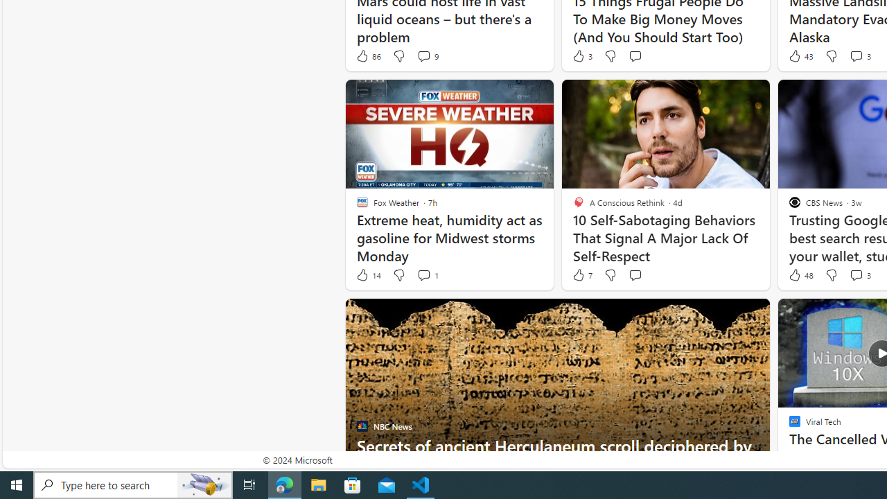  Describe the element at coordinates (426, 55) in the screenshot. I see `'View comments 9 Comment'` at that location.